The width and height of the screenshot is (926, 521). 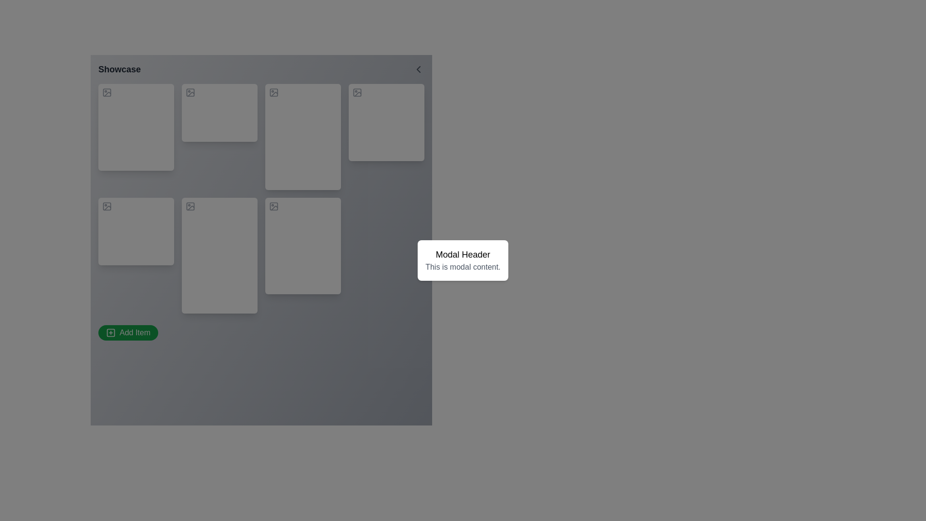 I want to click on the decorative UI element located in the top-left corner of the tile in the second row of the grid in the 'Showcase' section to visually indicate the tile's status, so click(x=107, y=206).